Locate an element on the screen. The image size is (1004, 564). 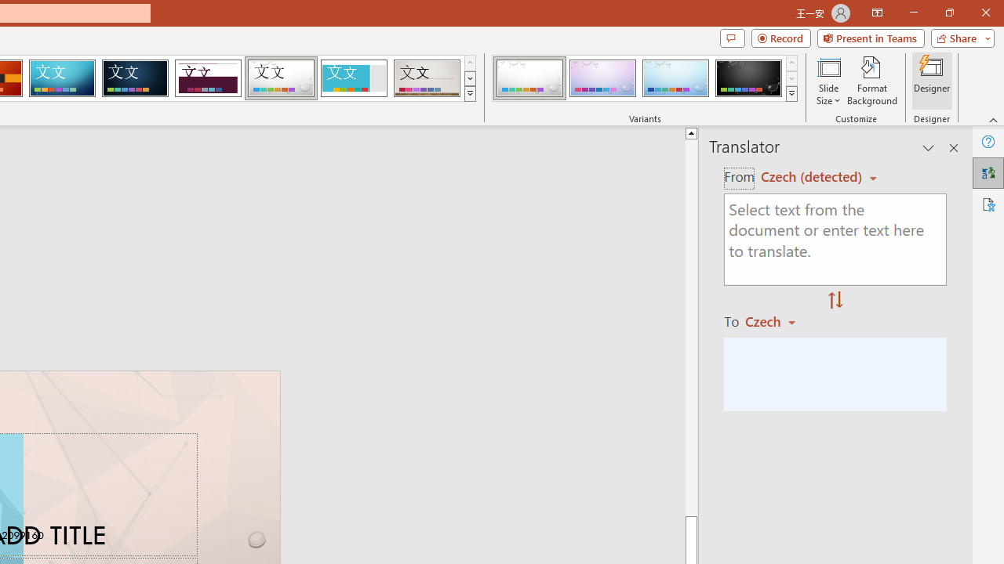
'Dividend' is located at coordinates (207, 78).